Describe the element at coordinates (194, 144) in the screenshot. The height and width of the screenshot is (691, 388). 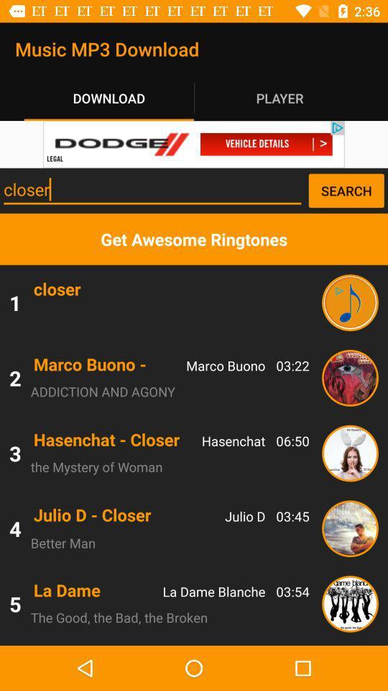
I see `click on advertisement` at that location.